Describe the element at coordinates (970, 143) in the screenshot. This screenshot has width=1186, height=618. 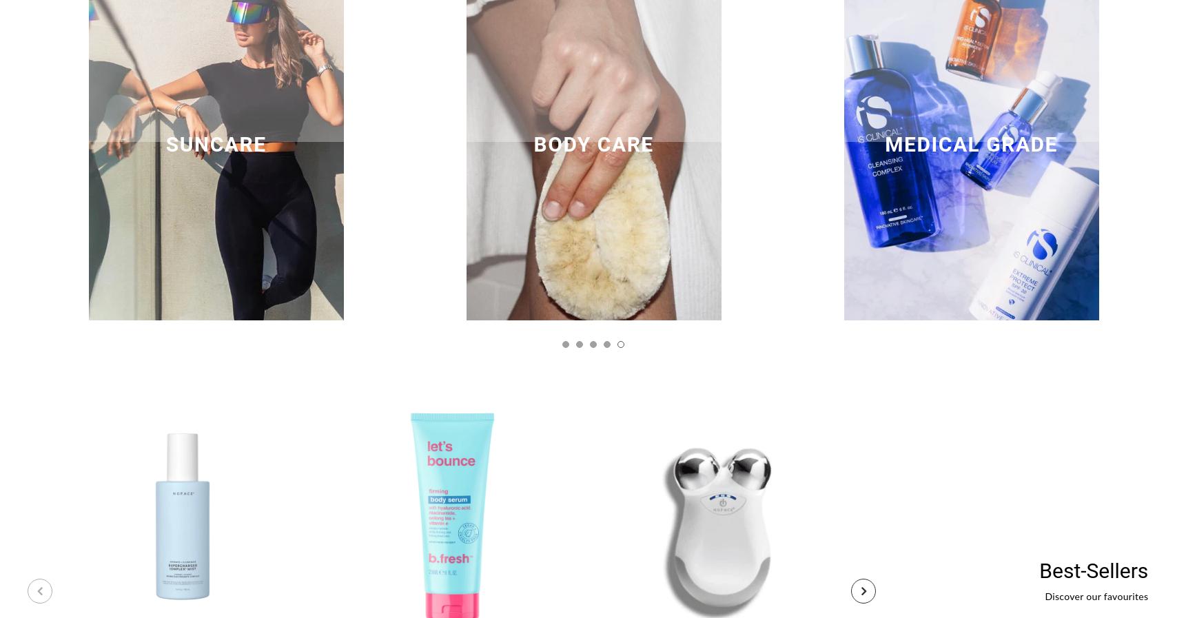
I see `'MEDICAL GRADE'` at that location.